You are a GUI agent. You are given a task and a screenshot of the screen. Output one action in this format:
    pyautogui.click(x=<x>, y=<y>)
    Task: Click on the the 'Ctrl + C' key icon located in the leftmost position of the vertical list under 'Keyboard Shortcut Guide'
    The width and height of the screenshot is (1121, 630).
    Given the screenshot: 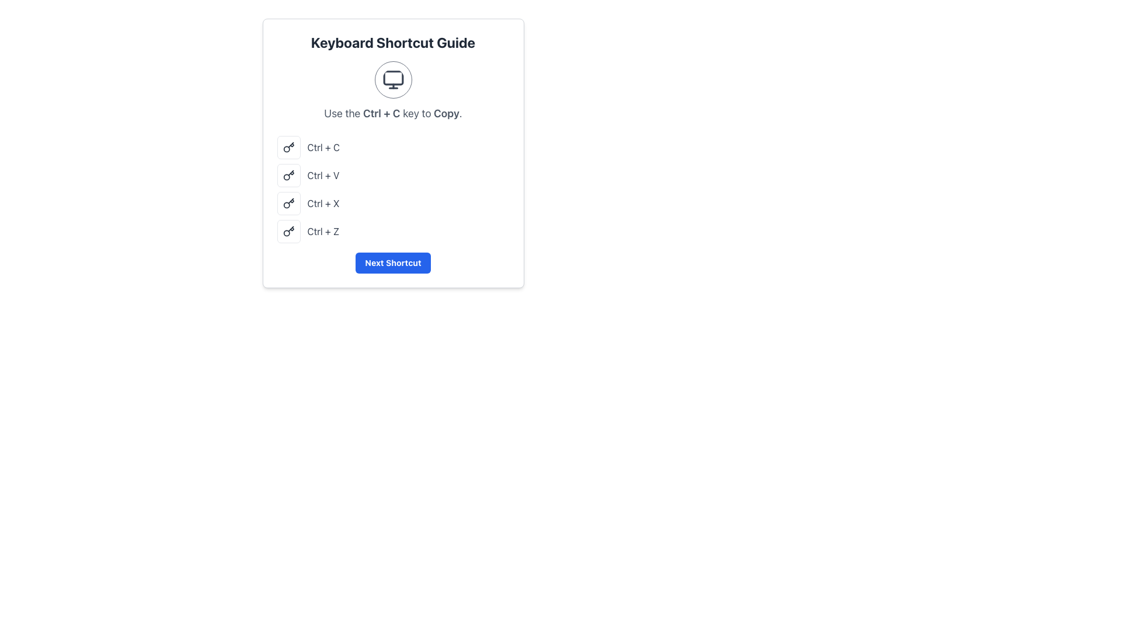 What is the action you would take?
    pyautogui.click(x=288, y=147)
    